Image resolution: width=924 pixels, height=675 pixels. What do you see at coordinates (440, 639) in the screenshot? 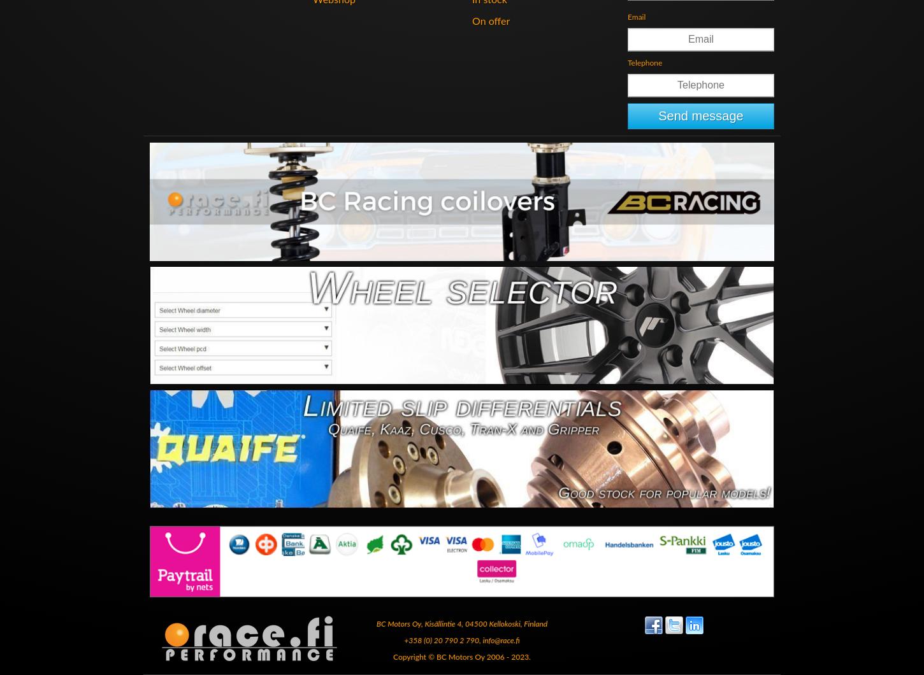
I see `'+358 (0) 20 790 2 790'` at bounding box center [440, 639].